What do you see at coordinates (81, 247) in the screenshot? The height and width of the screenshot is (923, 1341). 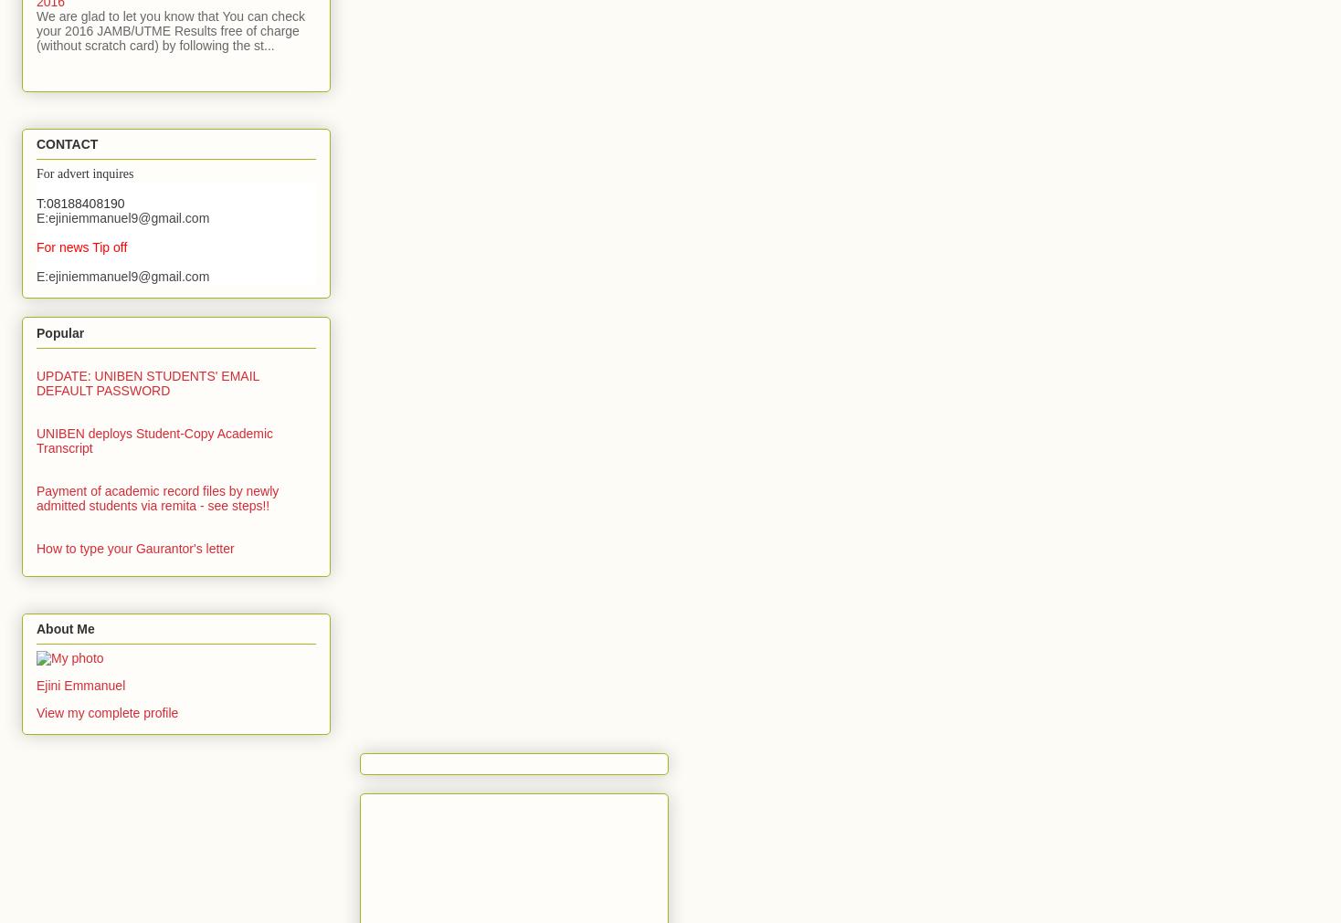 I see `'For news Tip off'` at bounding box center [81, 247].